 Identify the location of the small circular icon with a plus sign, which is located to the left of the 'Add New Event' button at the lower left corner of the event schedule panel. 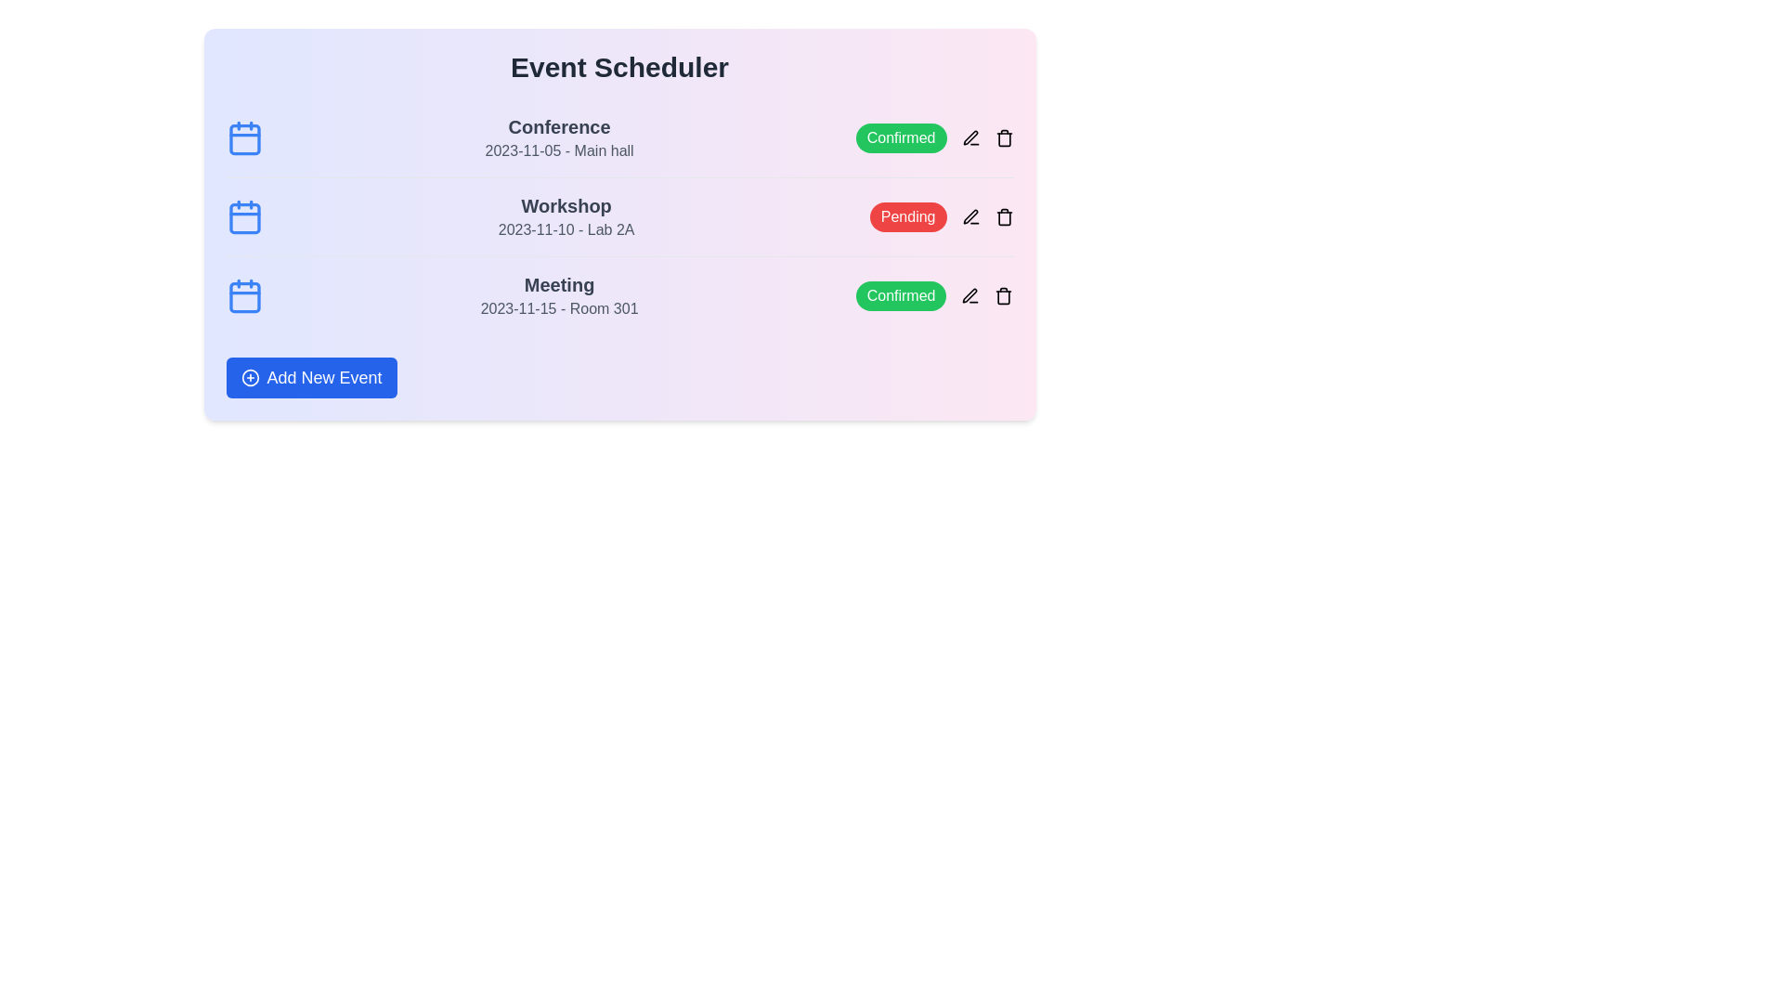
(249, 377).